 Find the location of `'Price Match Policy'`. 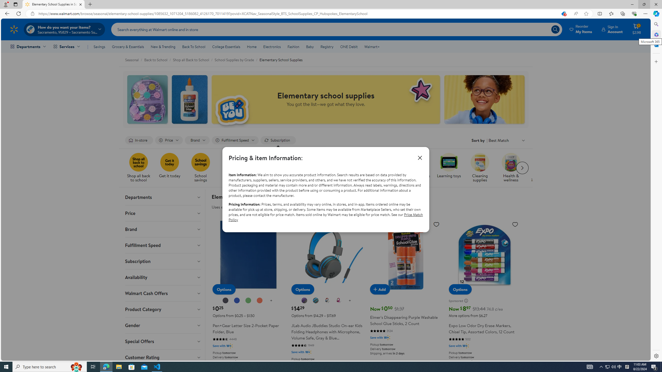

'Price Match Policy' is located at coordinates (326, 217).